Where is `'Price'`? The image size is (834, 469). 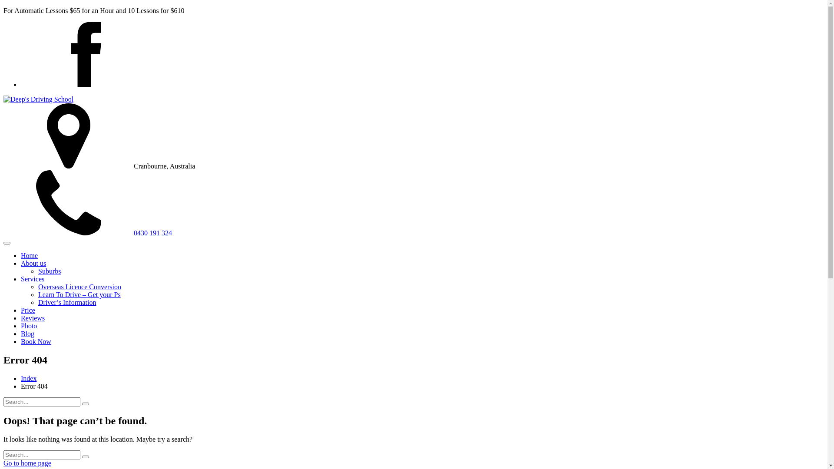 'Price' is located at coordinates (28, 310).